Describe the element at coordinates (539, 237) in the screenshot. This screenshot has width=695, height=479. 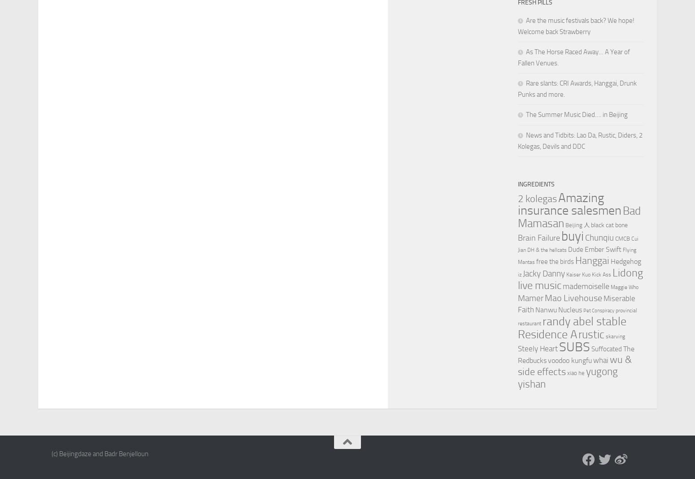
I see `'Brain Failure'` at that location.